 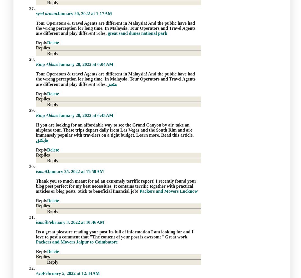 I want to click on 'February 3, 2022 at 10:46 AM', so click(x=75, y=222).